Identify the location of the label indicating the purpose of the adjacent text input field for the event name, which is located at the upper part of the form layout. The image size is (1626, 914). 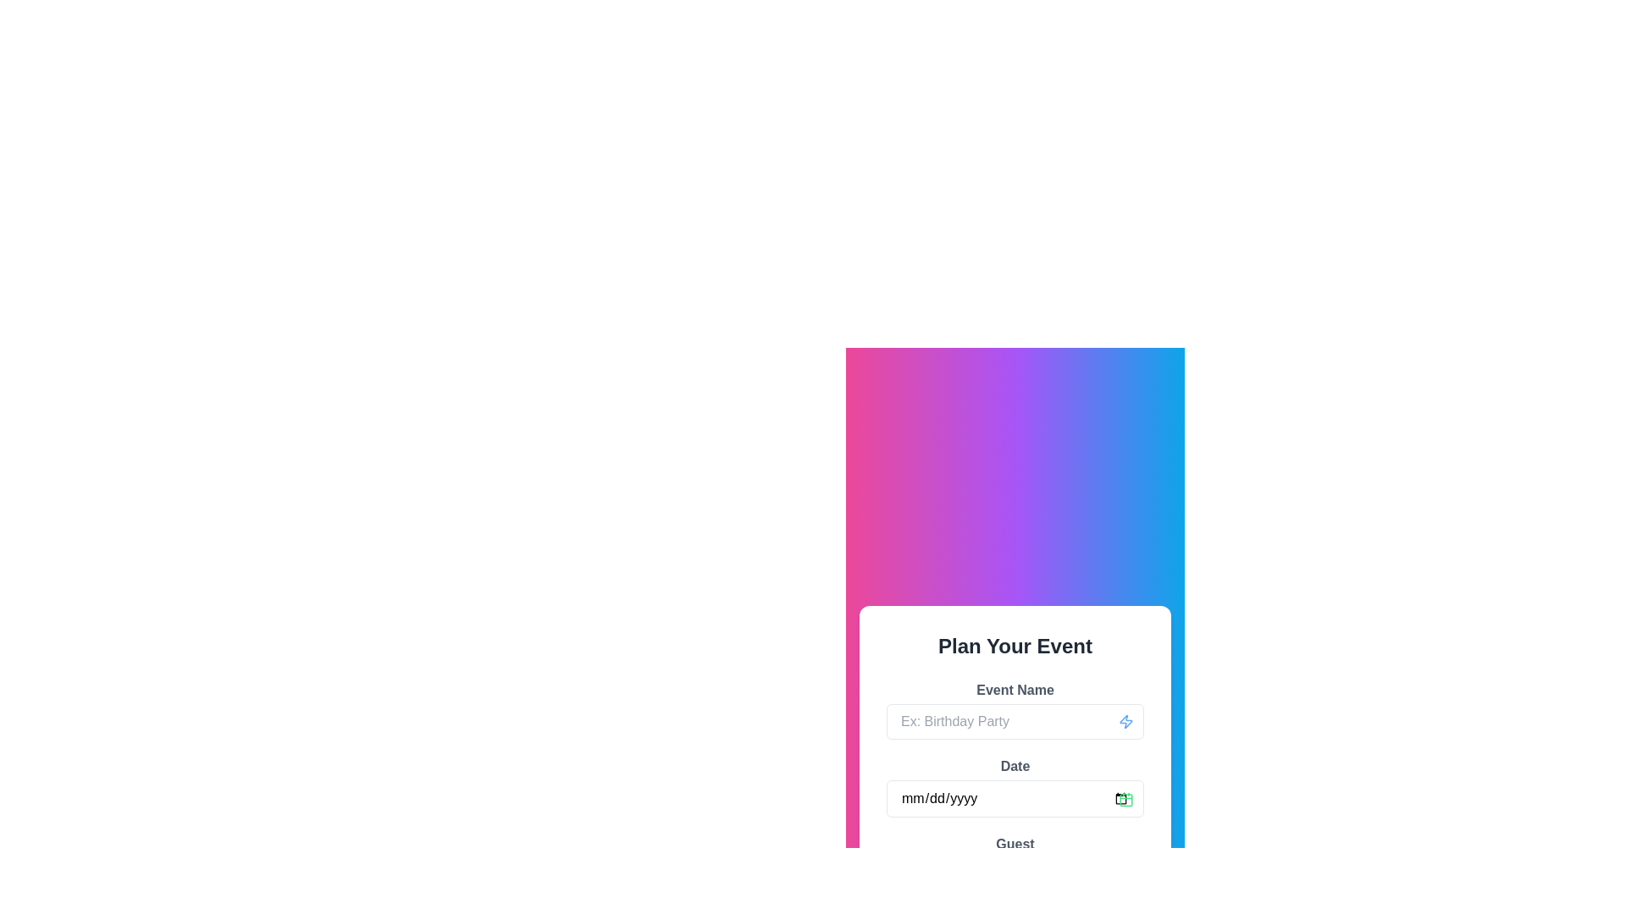
(1015, 689).